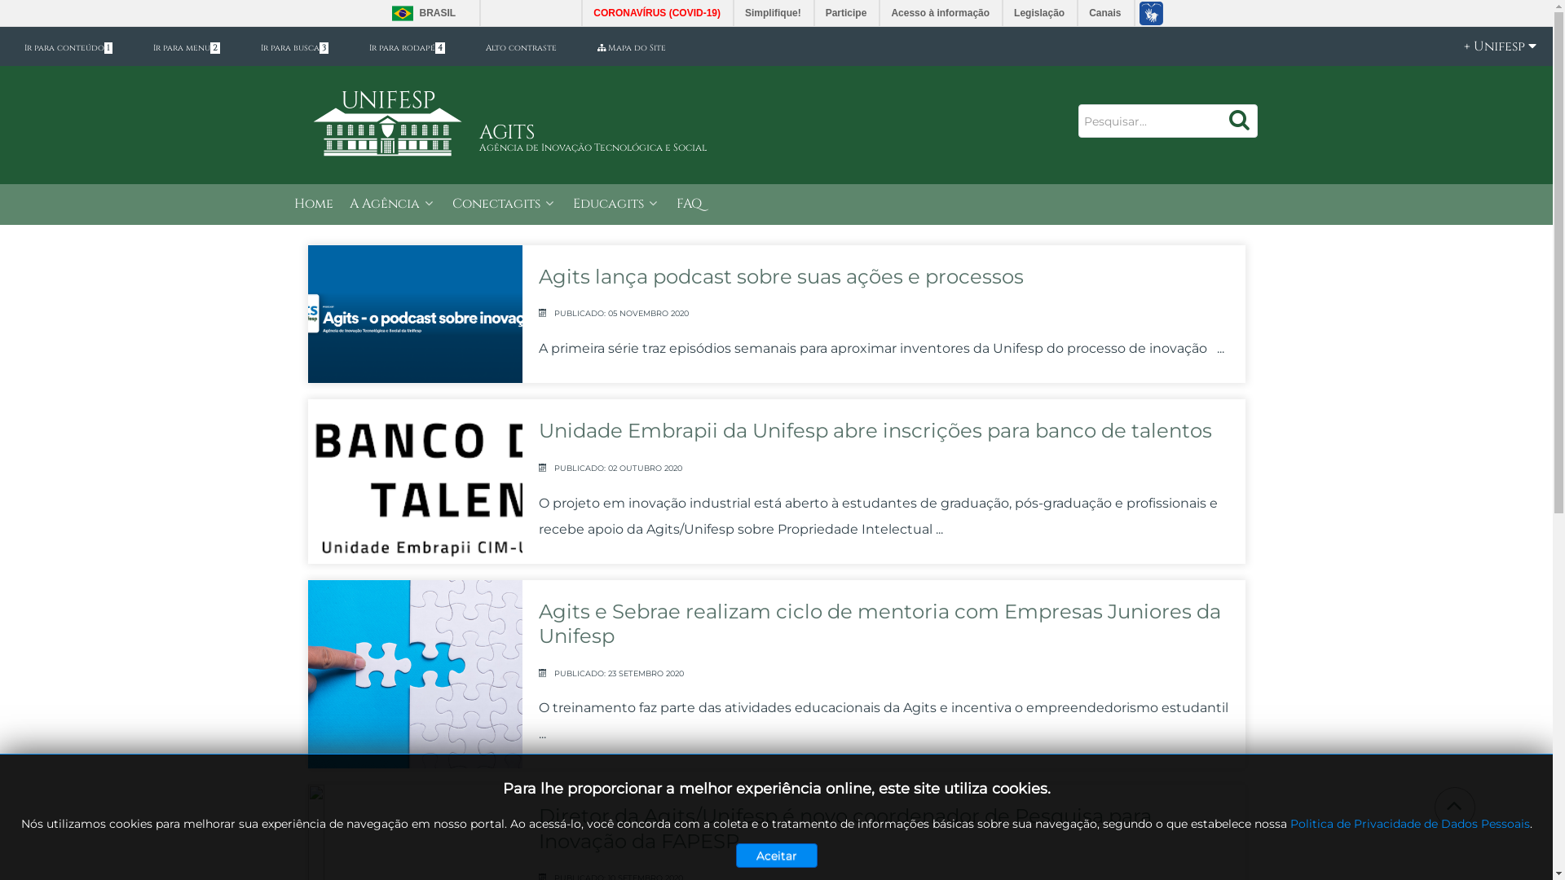  Describe the element at coordinates (520, 46) in the screenshot. I see `'Alto contraste'` at that location.